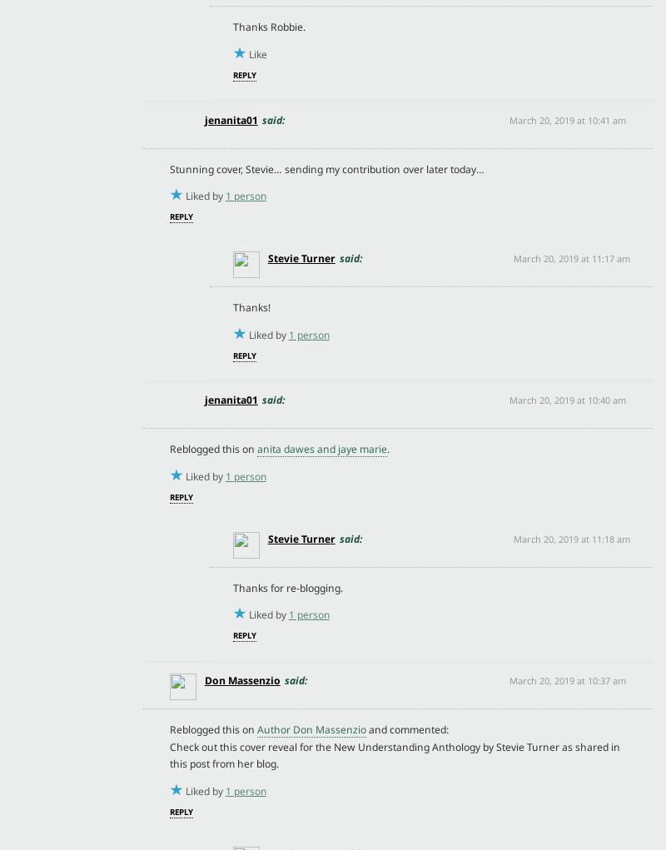 This screenshot has width=666, height=850. What do you see at coordinates (386, 449) in the screenshot?
I see `'.'` at bounding box center [386, 449].